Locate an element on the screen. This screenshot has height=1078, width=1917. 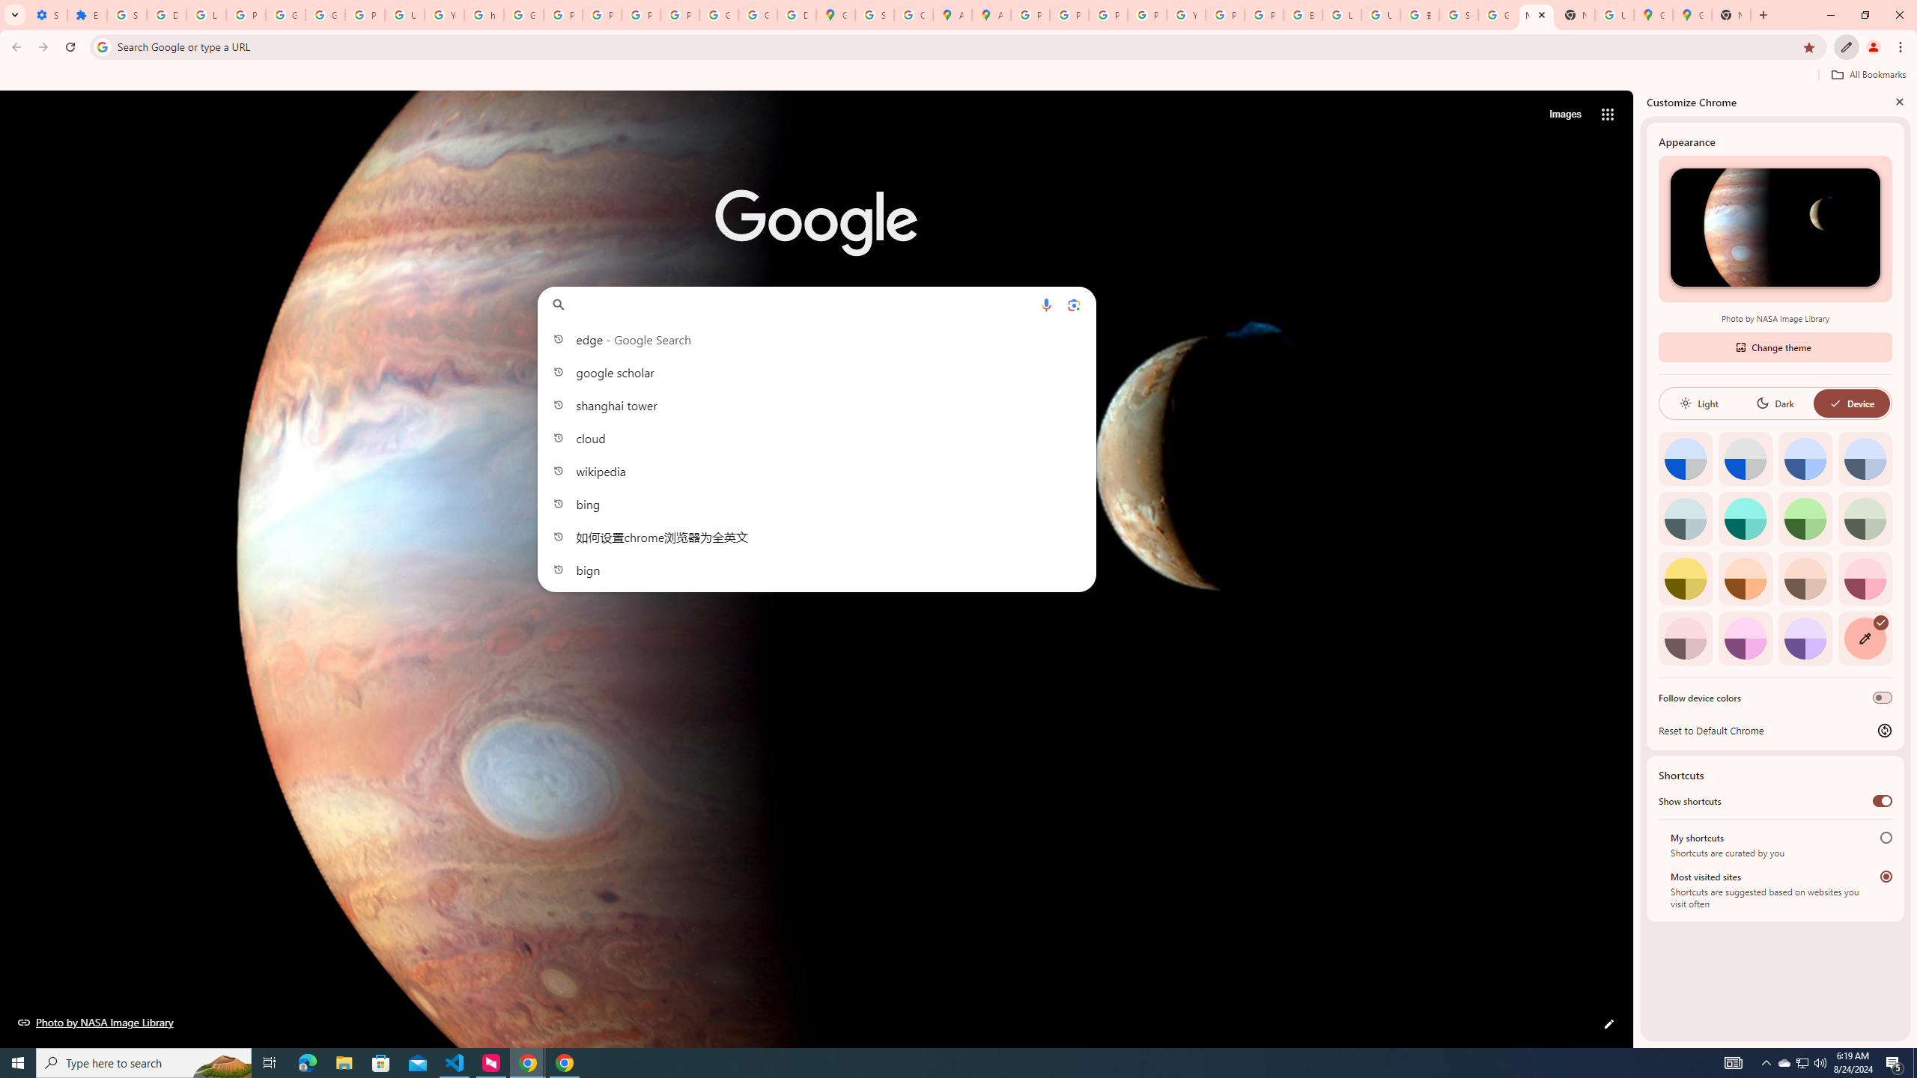
'Orange' is located at coordinates (1744, 577).